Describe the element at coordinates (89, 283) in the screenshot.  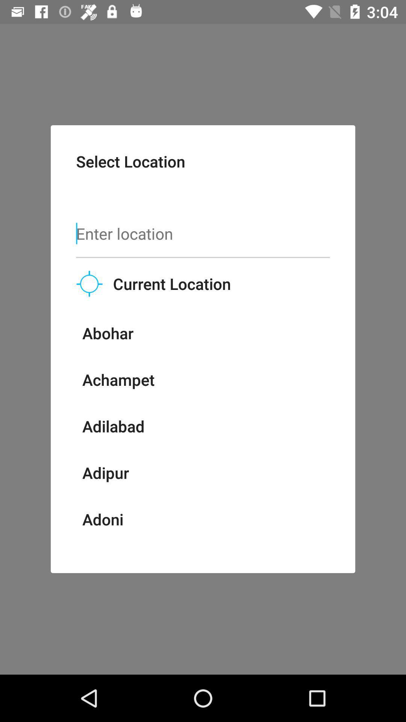
I see `the item above abohar item` at that location.